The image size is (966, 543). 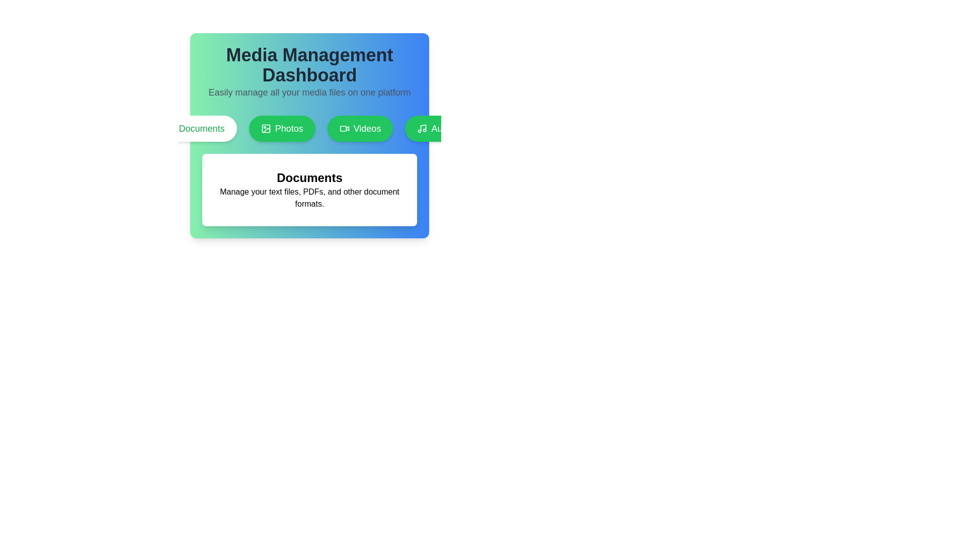 I want to click on the 'Videos' icon in the horizontal navigation menu, so click(x=344, y=128).